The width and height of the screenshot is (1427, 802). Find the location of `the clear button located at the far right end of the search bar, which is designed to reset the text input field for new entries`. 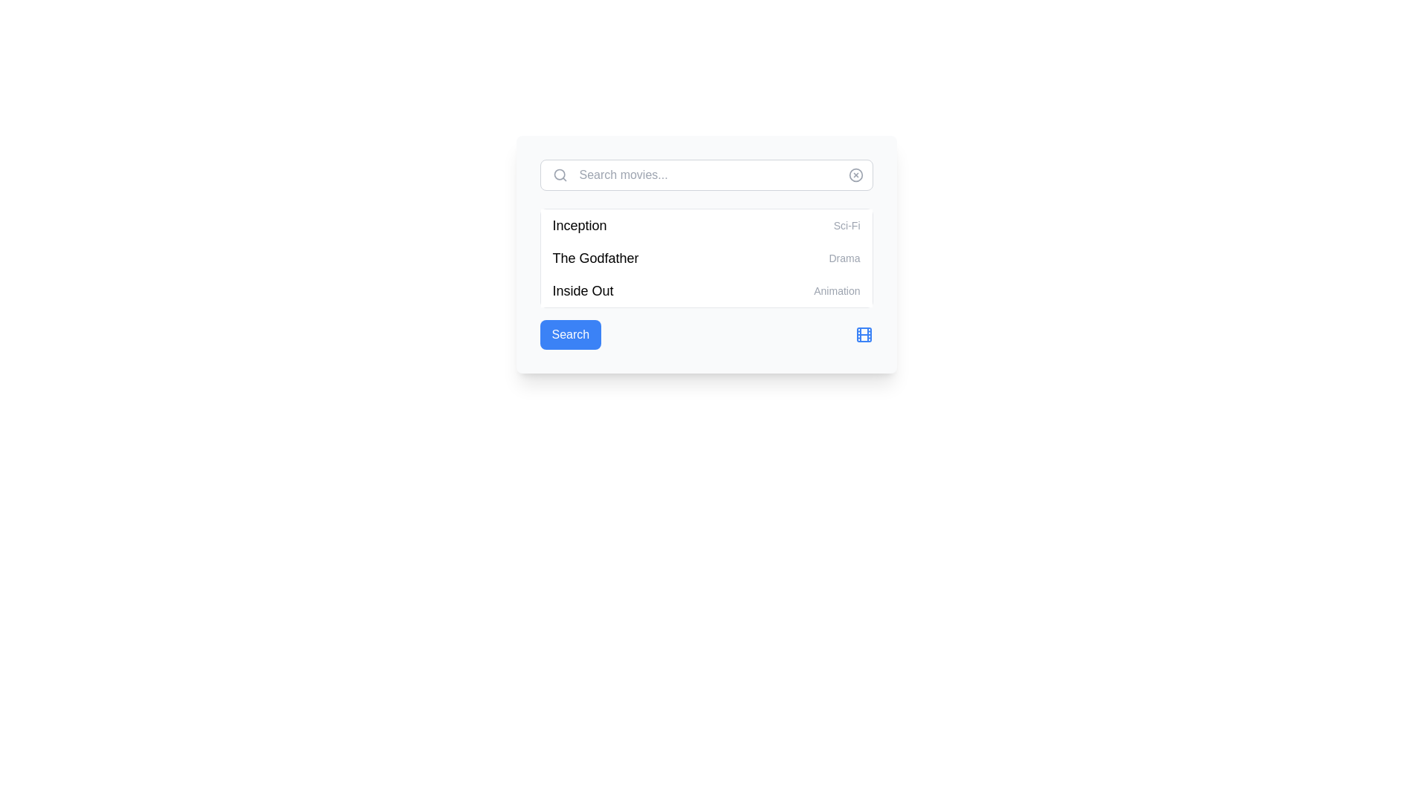

the clear button located at the far right end of the search bar, which is designed to reset the text input field for new entries is located at coordinates (855, 174).